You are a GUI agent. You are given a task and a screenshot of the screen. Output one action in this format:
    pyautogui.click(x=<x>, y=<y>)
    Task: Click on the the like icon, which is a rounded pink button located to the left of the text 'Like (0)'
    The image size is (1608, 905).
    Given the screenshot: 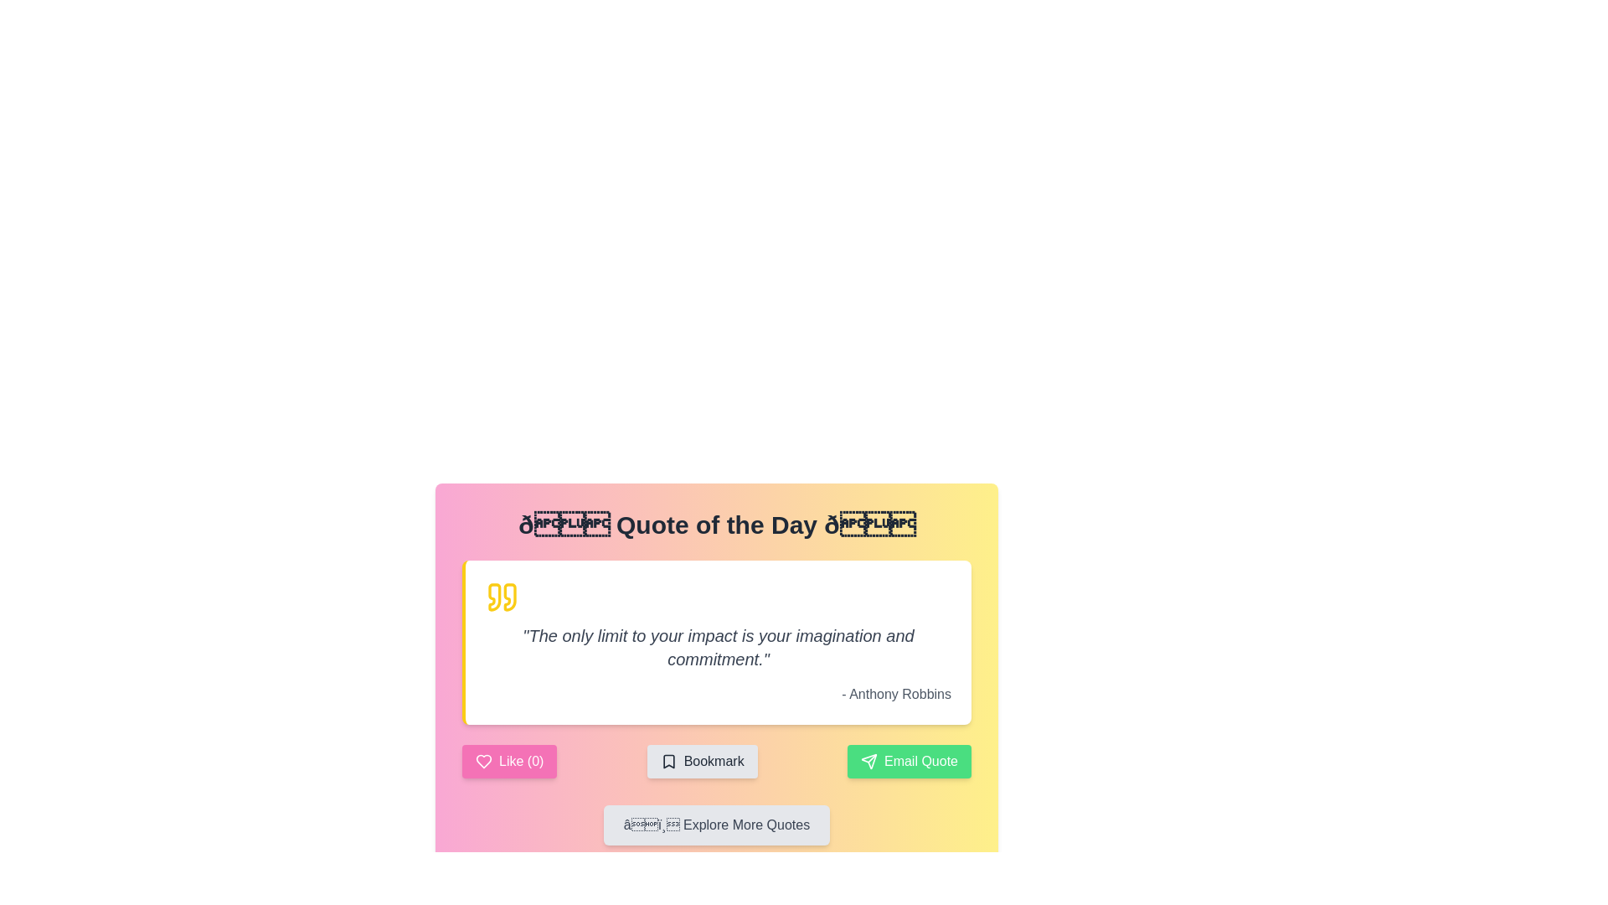 What is the action you would take?
    pyautogui.click(x=482, y=762)
    